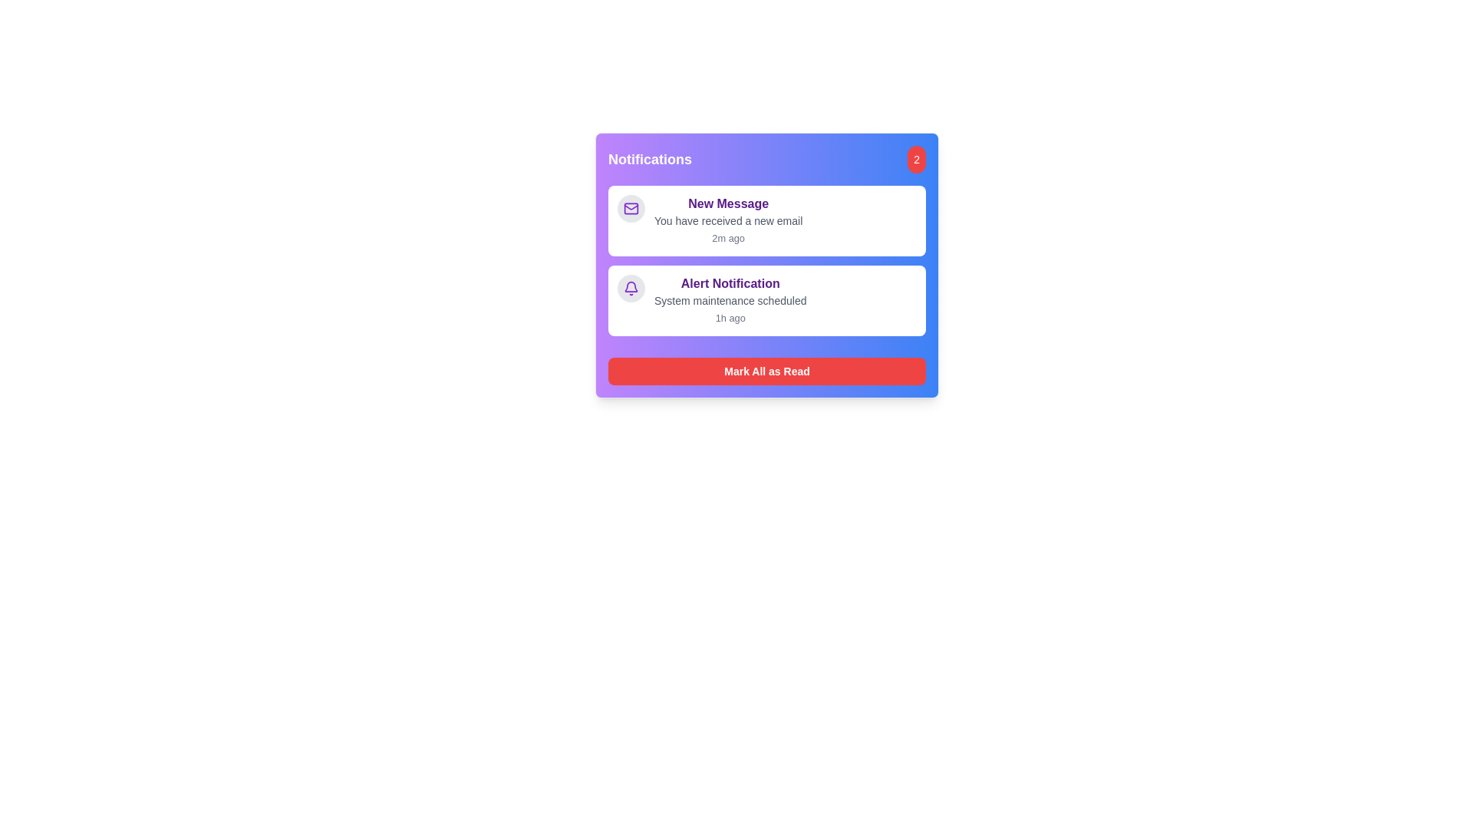  What do you see at coordinates (766, 301) in the screenshot?
I see `the notification in the second Notification card, which informs the user about a system maintenance event` at bounding box center [766, 301].